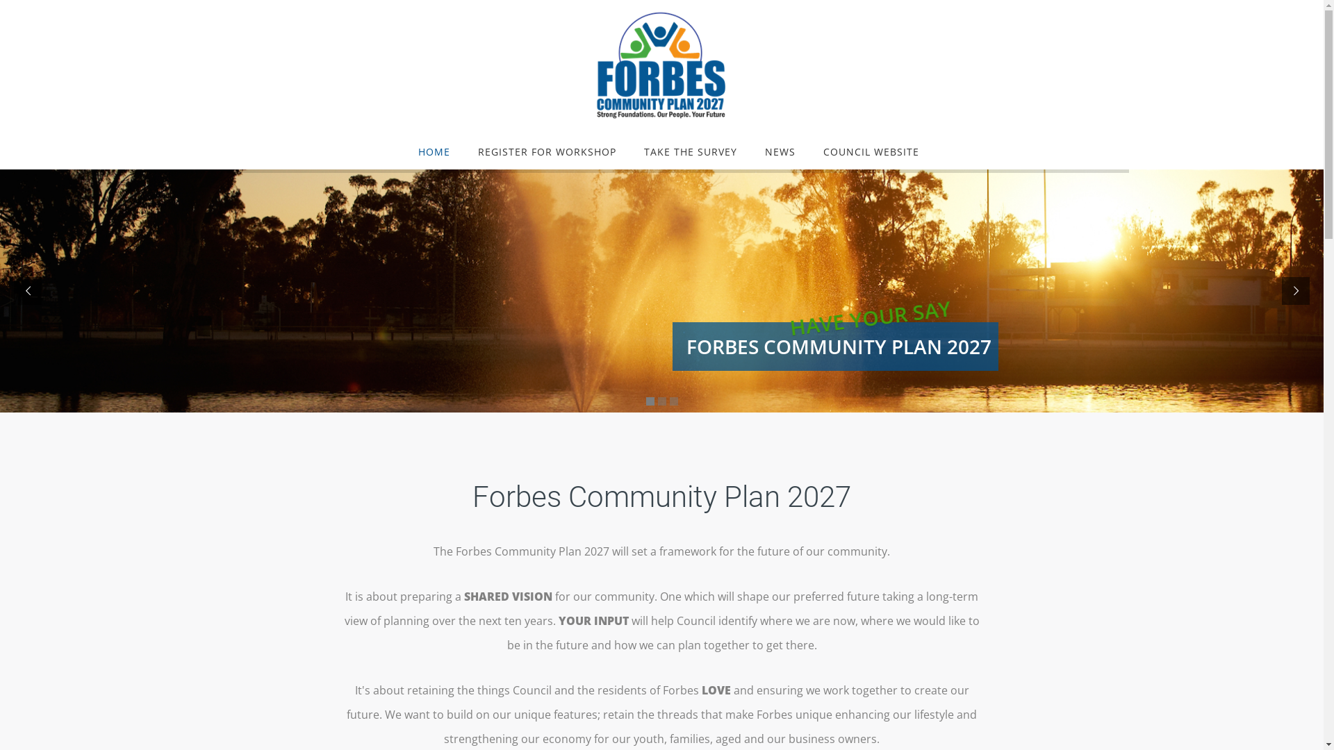 Image resolution: width=1334 pixels, height=750 pixels. I want to click on 'NEWS', so click(780, 151).